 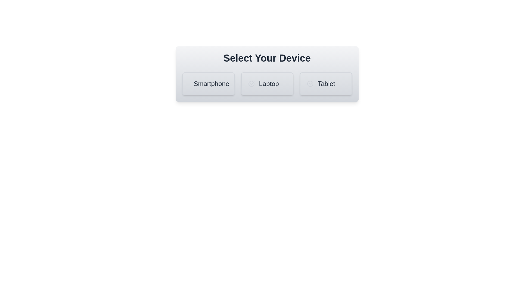 I want to click on the 'Smartphone' text label, which indicates the type of device that can be chosen in the 'Select Your Device' section, so click(x=208, y=84).